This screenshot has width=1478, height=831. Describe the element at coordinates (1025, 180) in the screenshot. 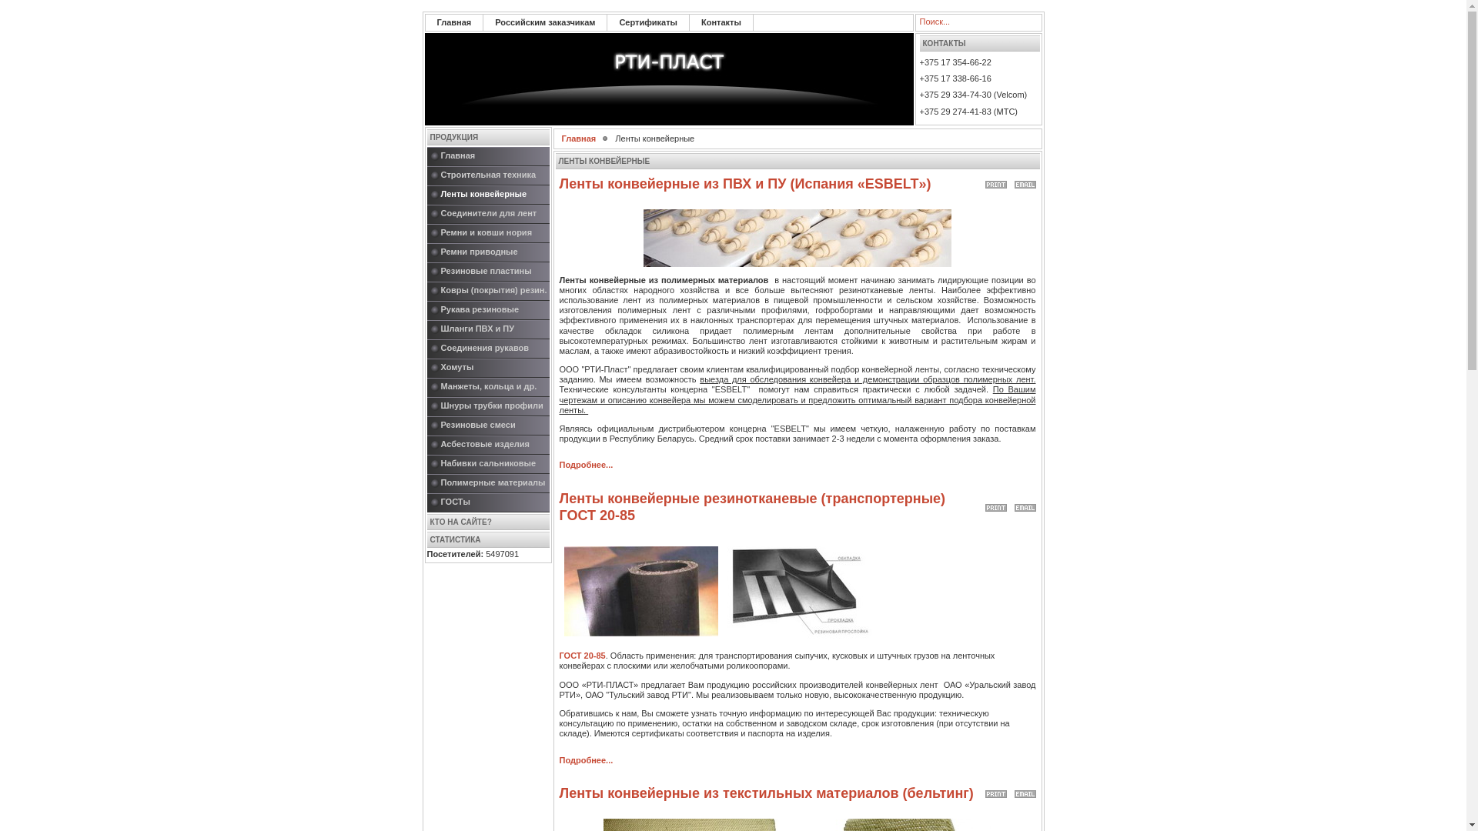

I see `'E-mail'` at that location.